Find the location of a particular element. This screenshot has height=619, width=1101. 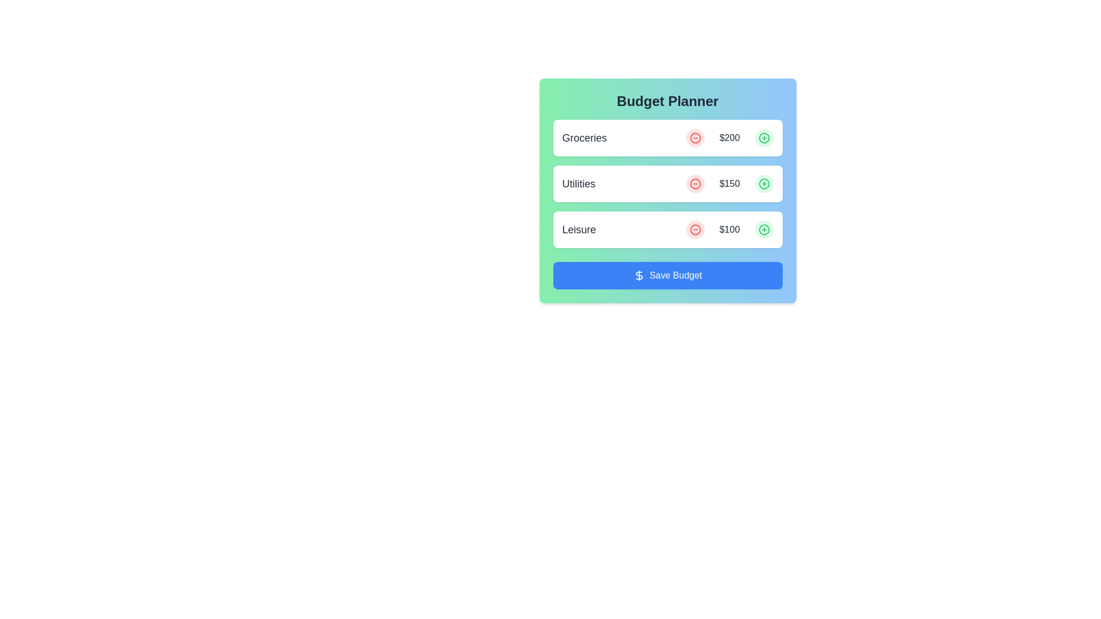

the Text label displaying the monetary value for the 'Utilities' budget item located under the 'Budget Planner' heading, positioned between a red circular button and a green circular button is located at coordinates (729, 183).